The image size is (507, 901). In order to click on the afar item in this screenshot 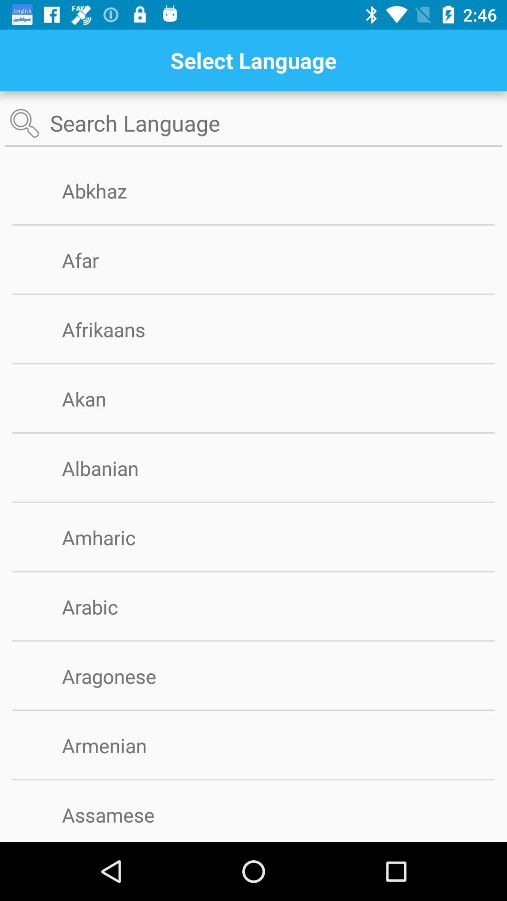, I will do `click(96, 260)`.